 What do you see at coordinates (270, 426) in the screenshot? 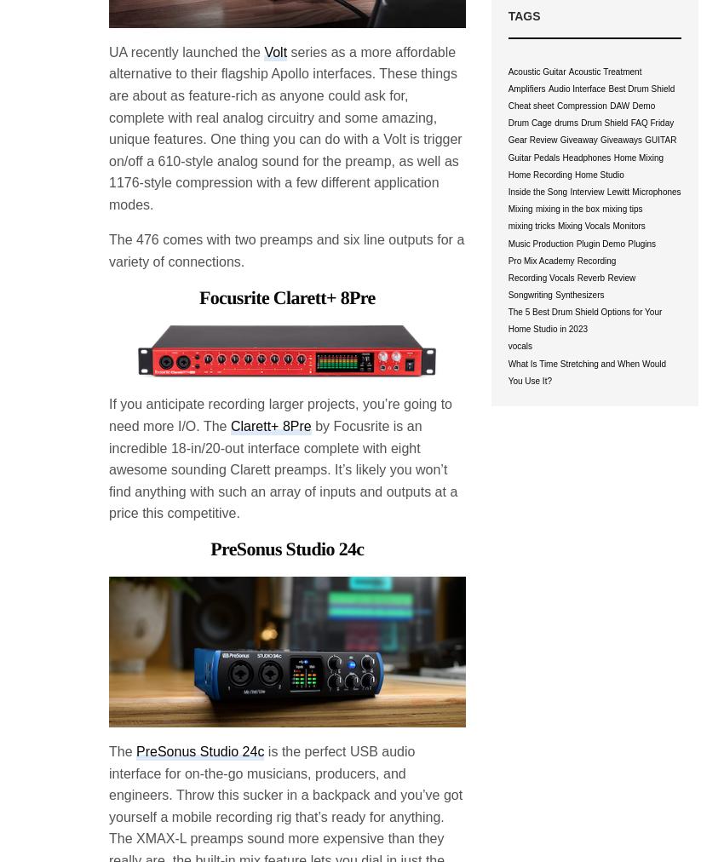
I see `'Clarett+ 8Pre'` at bounding box center [270, 426].